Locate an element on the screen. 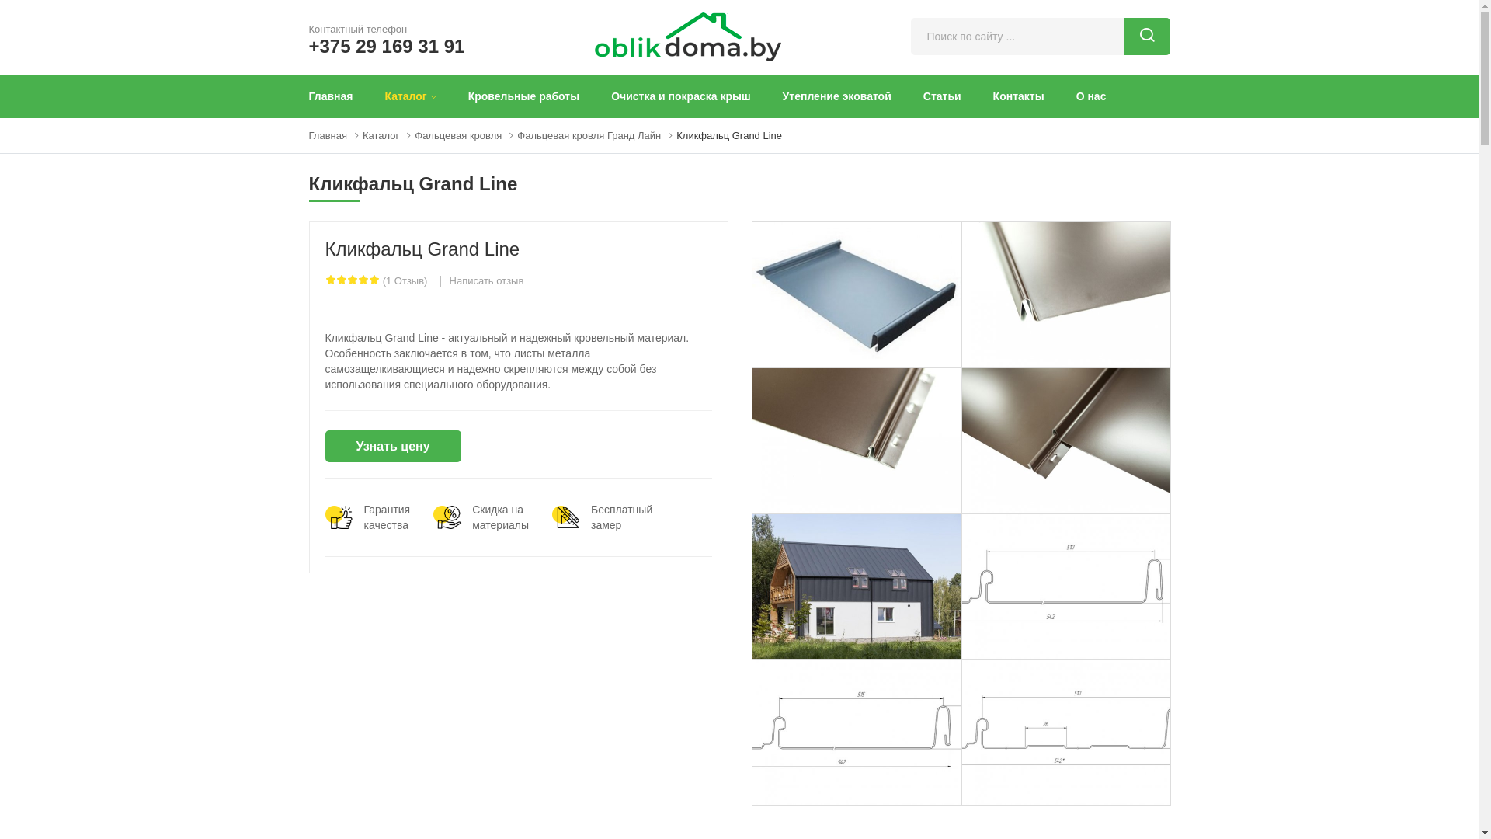  '+375 29 169 31 91' is located at coordinates (387, 44).